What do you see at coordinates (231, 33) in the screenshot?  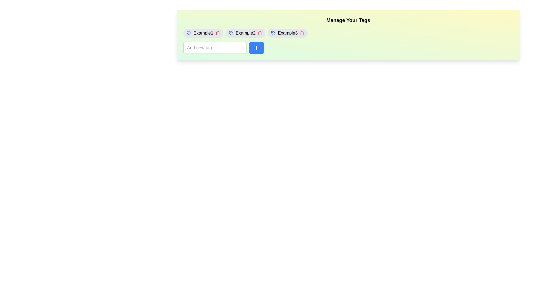 I see `the blue tag-shaped icon located adjacent to the text 'Example2' in the tag management section` at bounding box center [231, 33].